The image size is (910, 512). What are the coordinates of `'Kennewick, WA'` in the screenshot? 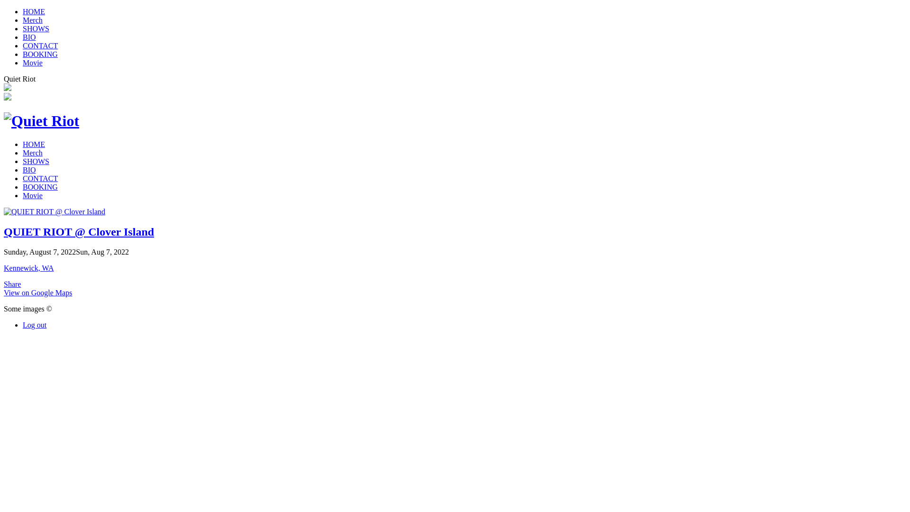 It's located at (28, 268).